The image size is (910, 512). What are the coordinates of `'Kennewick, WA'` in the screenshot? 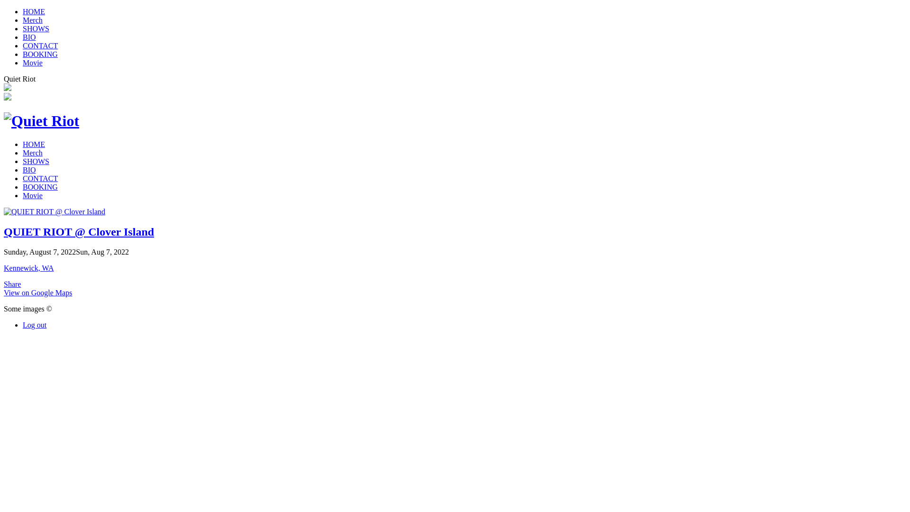 It's located at (28, 268).